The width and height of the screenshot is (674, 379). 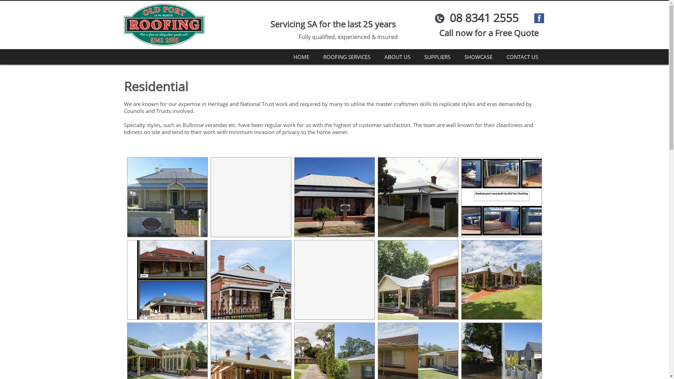 What do you see at coordinates (436, 56) in the screenshot?
I see `'SUPPLIERS'` at bounding box center [436, 56].